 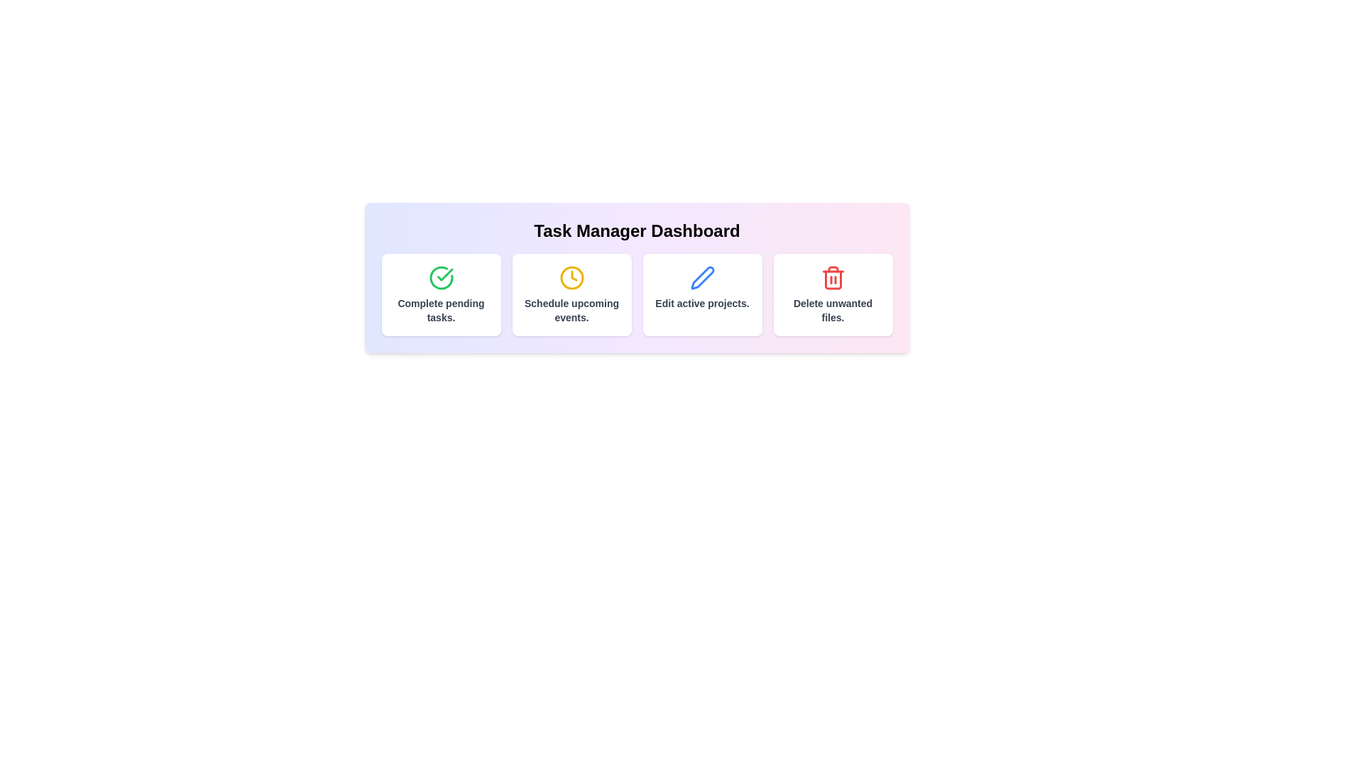 I want to click on the blue pen icon located in the 'Edit active projects.' card, which is the third card under the 'Task Manager Dashboard', so click(x=702, y=278).